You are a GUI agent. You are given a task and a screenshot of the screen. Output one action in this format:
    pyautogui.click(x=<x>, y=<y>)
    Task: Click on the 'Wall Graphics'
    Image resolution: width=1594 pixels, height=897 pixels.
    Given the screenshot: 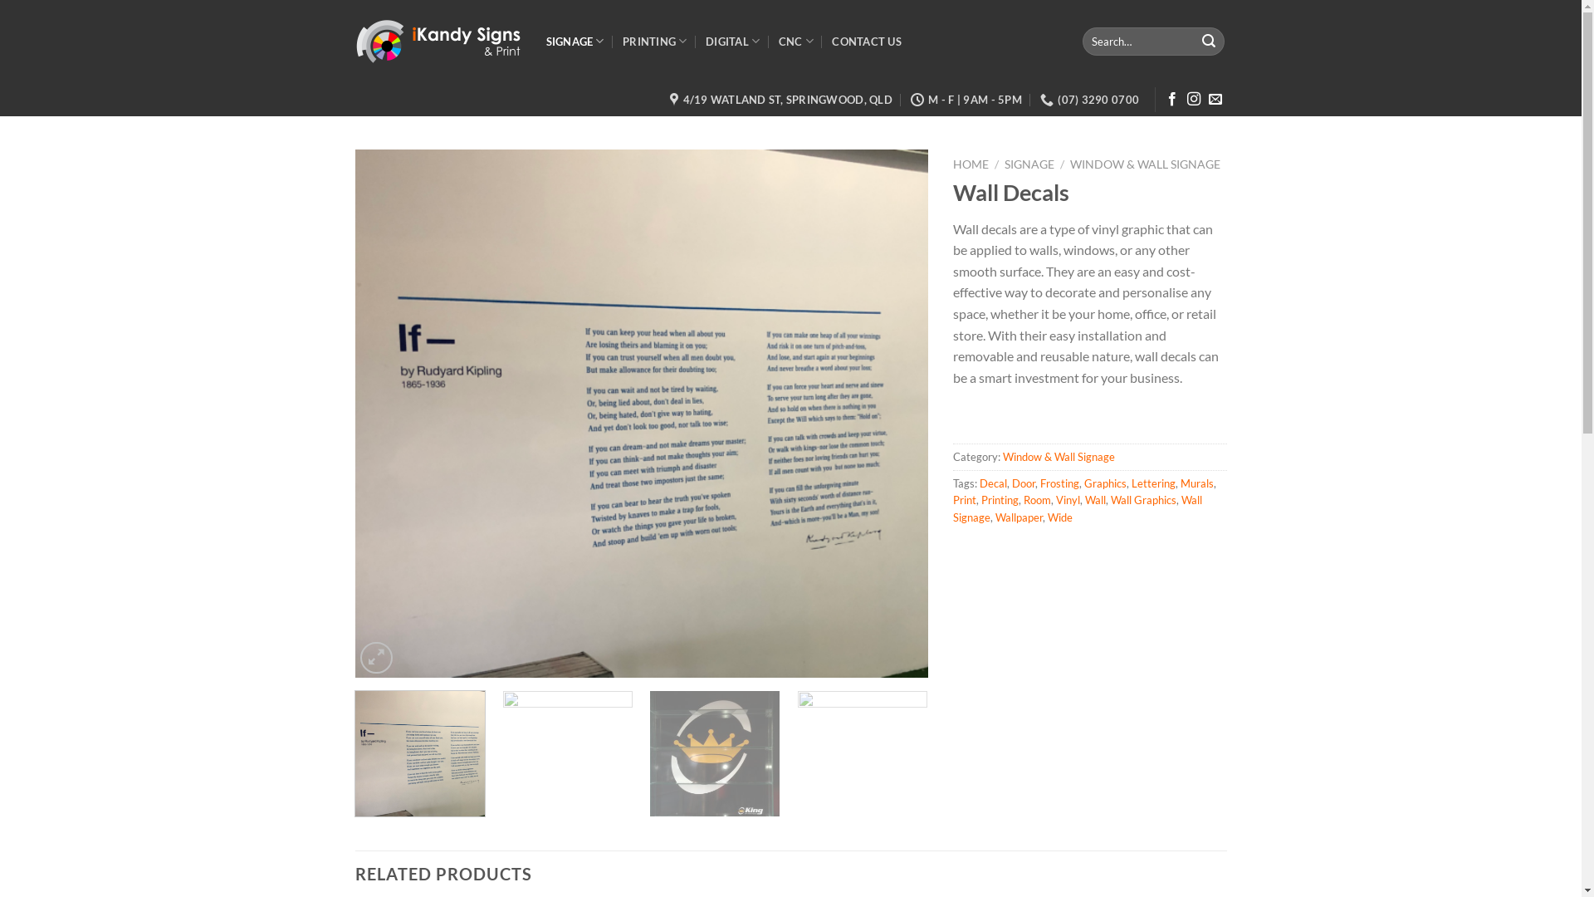 What is the action you would take?
    pyautogui.click(x=1142, y=498)
    